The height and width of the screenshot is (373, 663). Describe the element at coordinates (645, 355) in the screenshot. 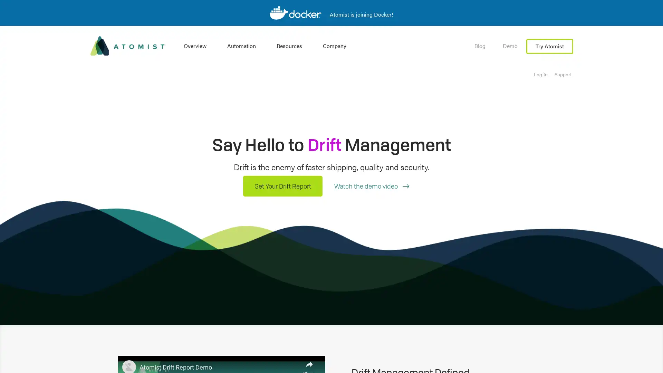

I see `Open Intercom Messenger` at that location.